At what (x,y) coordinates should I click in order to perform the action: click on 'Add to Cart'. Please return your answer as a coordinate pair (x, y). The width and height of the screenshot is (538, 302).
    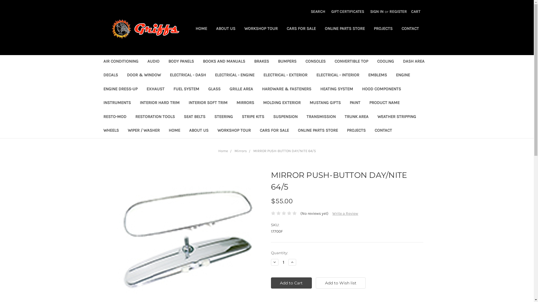
    Looking at the image, I should click on (291, 283).